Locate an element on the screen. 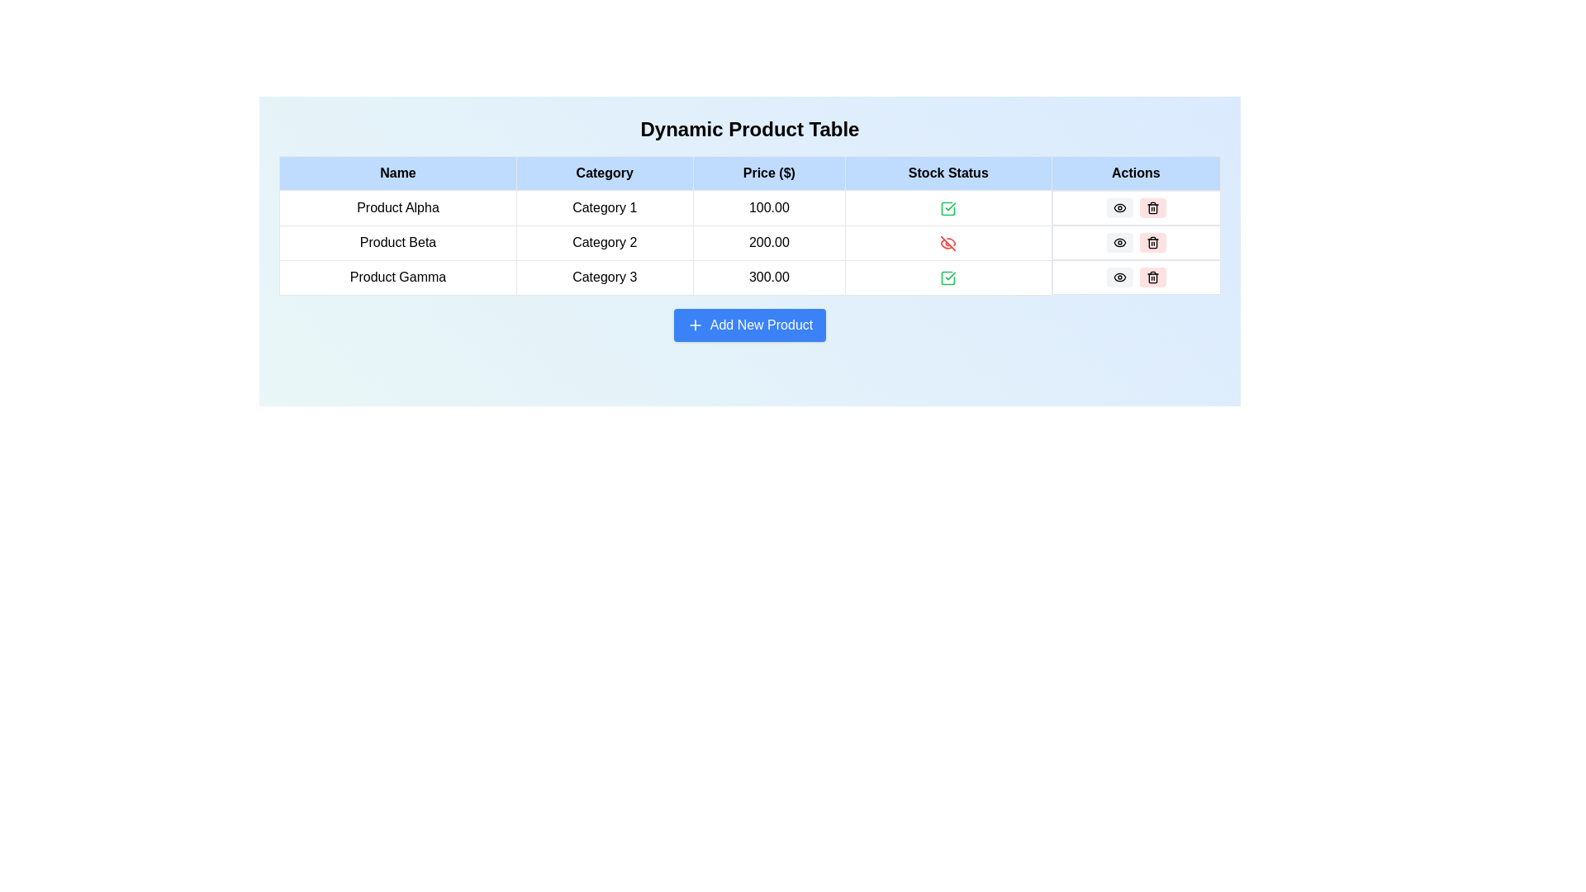 The width and height of the screenshot is (1586, 892). the 'Product Gamma' text label located in the first column of the third row of the table, which has a light-colored border and is aligned with similar elements under the 'Name' column is located at coordinates (397, 276).